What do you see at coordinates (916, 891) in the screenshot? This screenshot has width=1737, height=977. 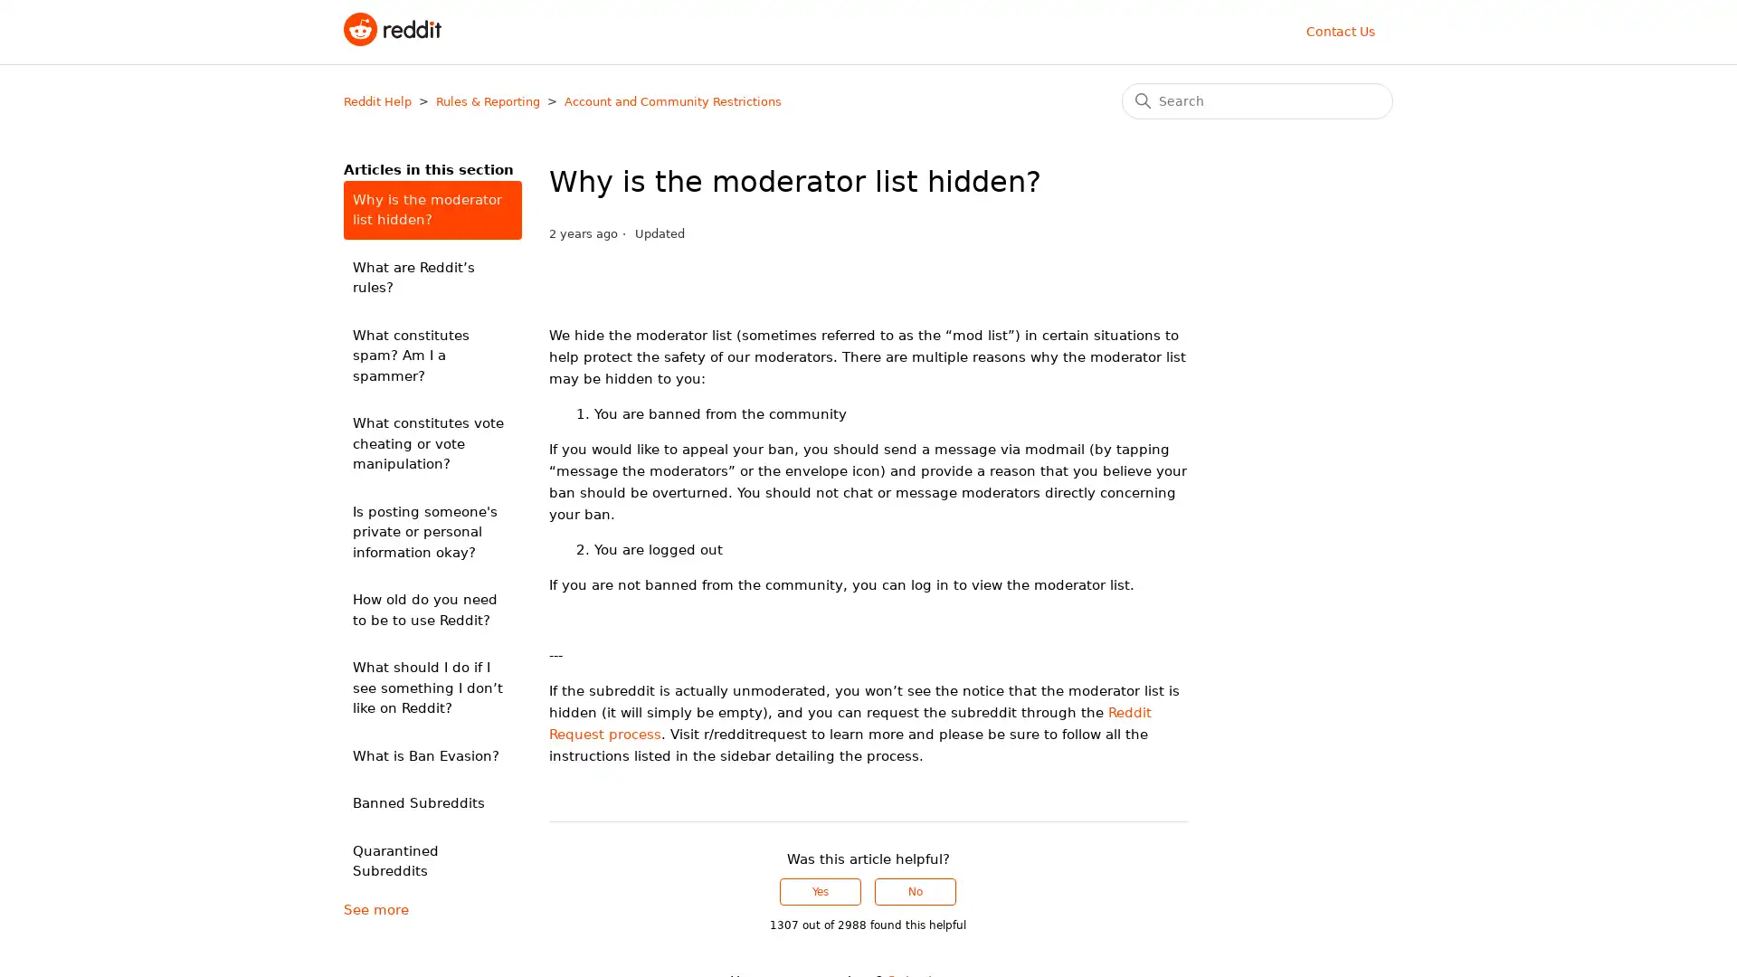 I see `This article was not helpful` at bounding box center [916, 891].